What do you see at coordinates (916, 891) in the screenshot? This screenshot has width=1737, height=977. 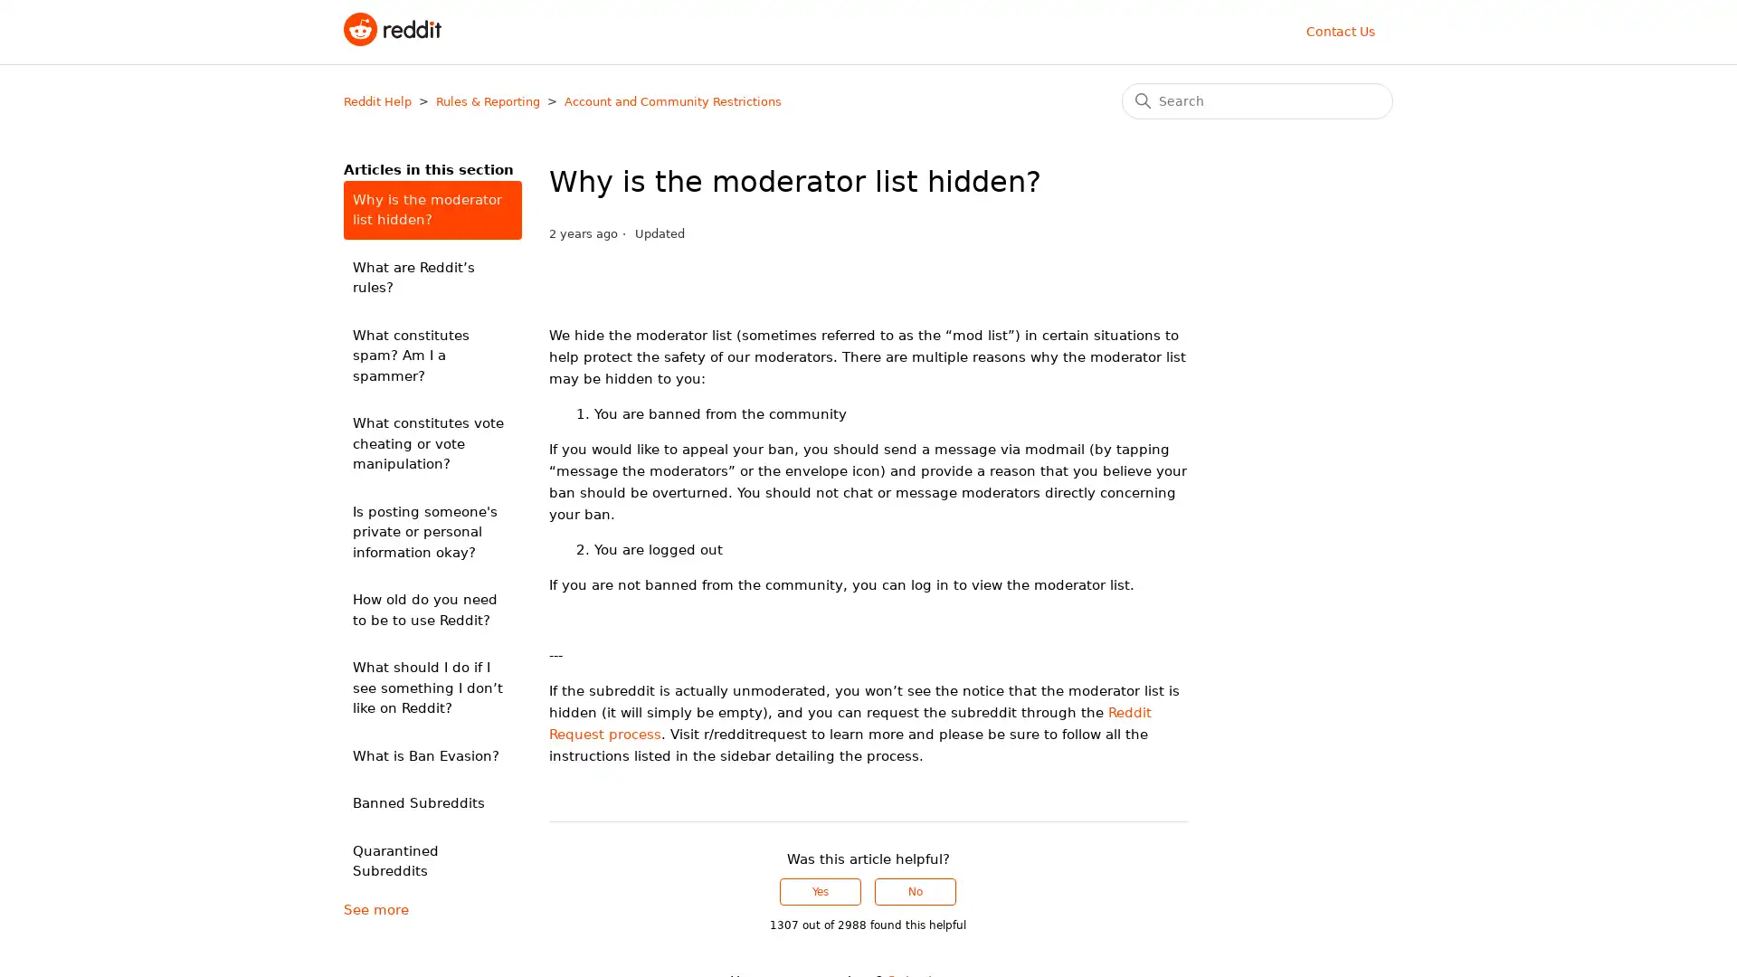 I see `This article was not helpful` at bounding box center [916, 891].